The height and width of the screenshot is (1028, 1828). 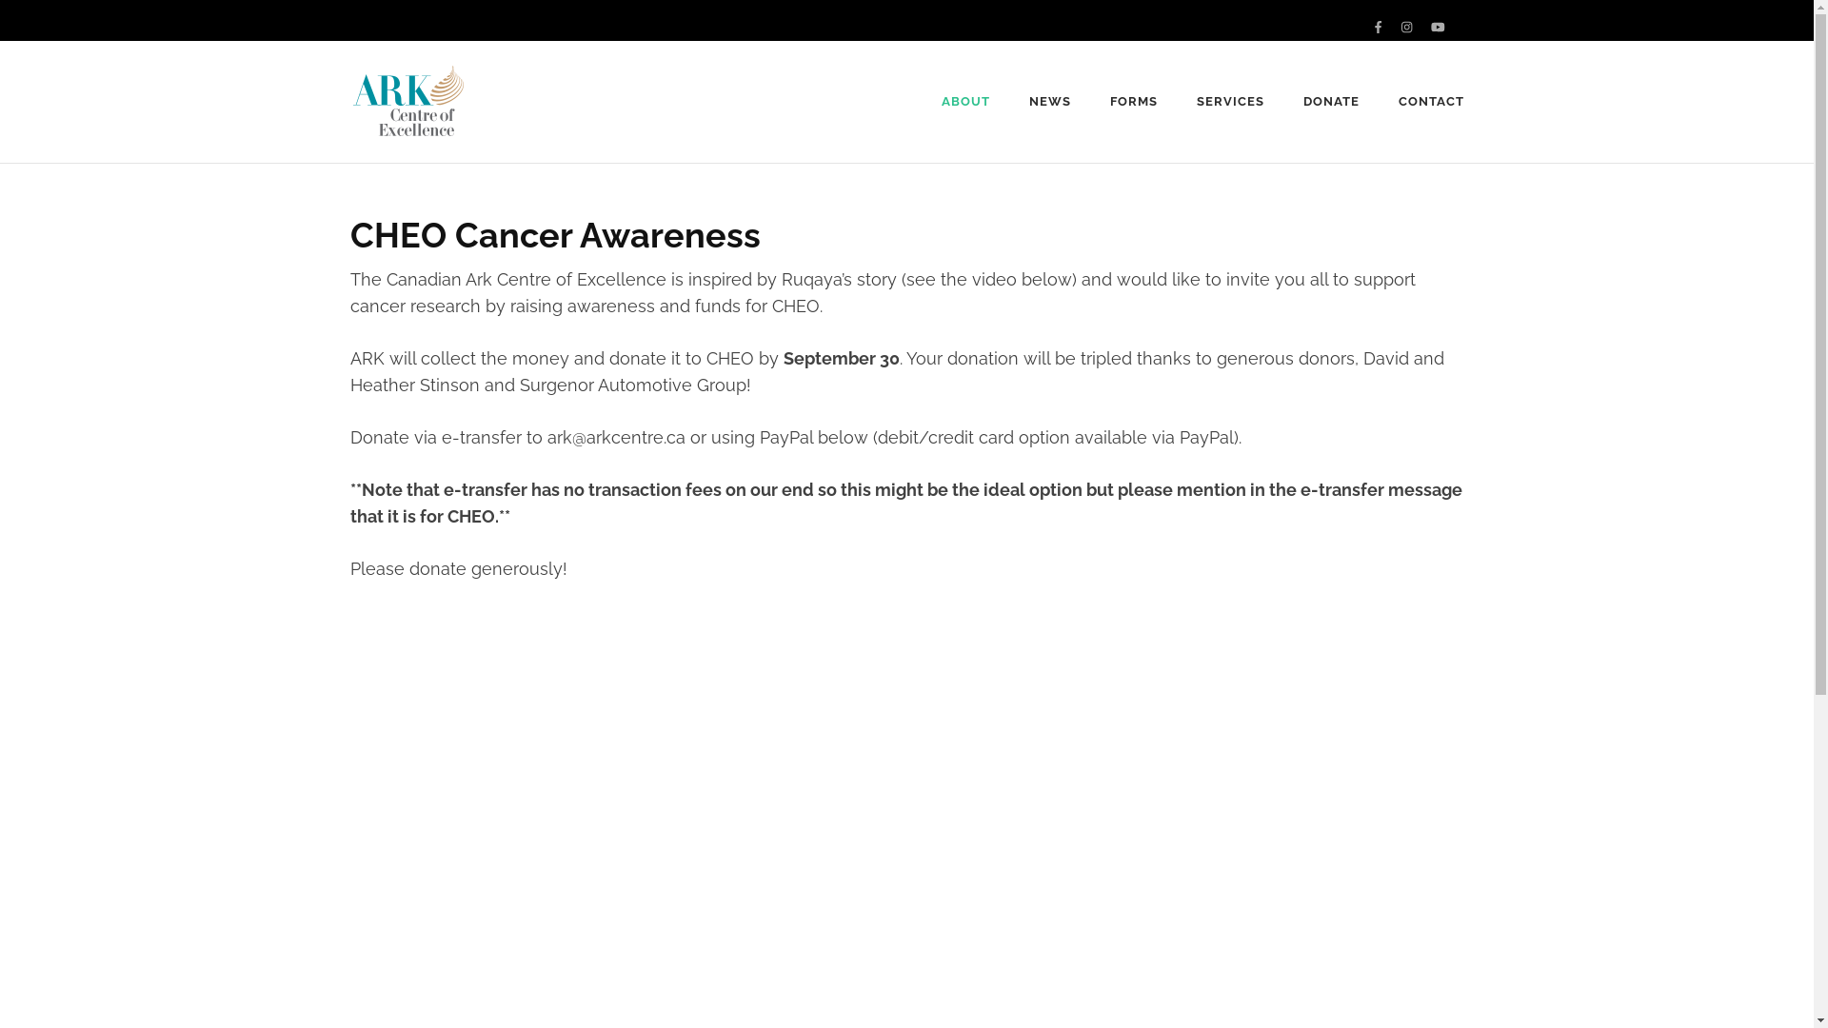 What do you see at coordinates (498, 114) in the screenshot?
I see `'Ark'` at bounding box center [498, 114].